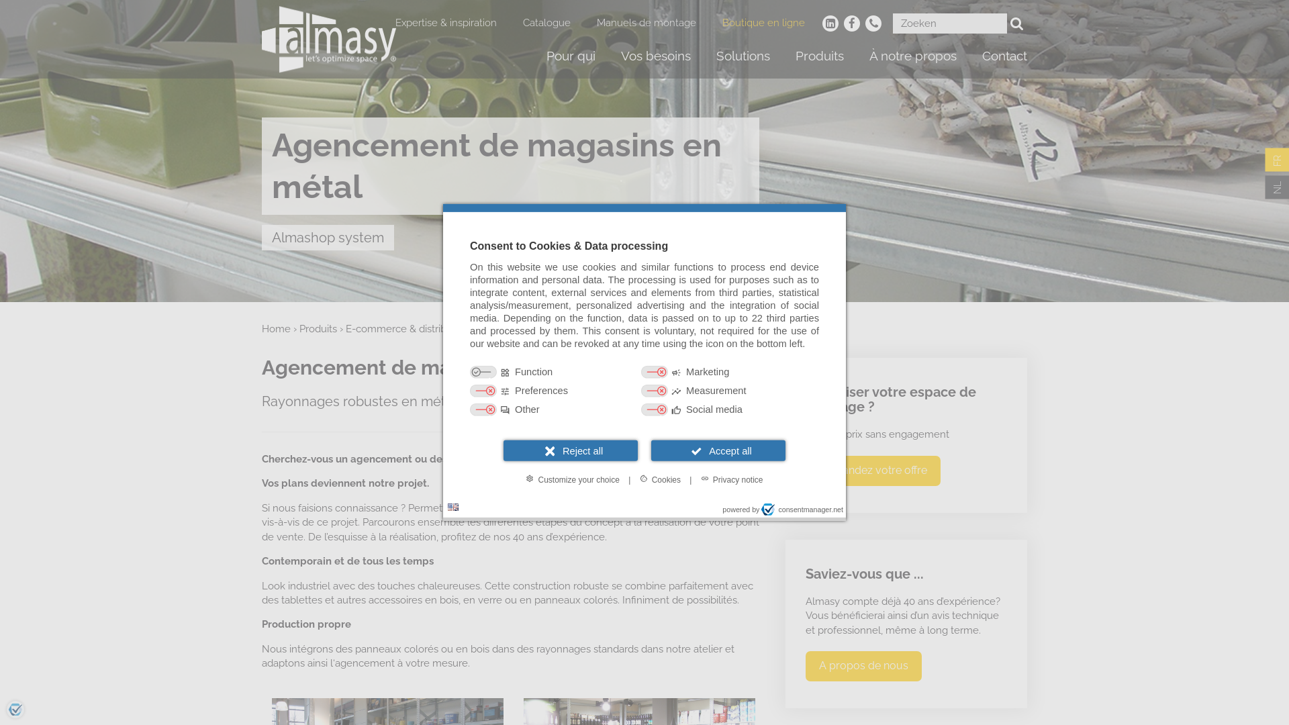 This screenshot has height=725, width=1289. I want to click on '+32 3 317 04 20', so click(873, 23).